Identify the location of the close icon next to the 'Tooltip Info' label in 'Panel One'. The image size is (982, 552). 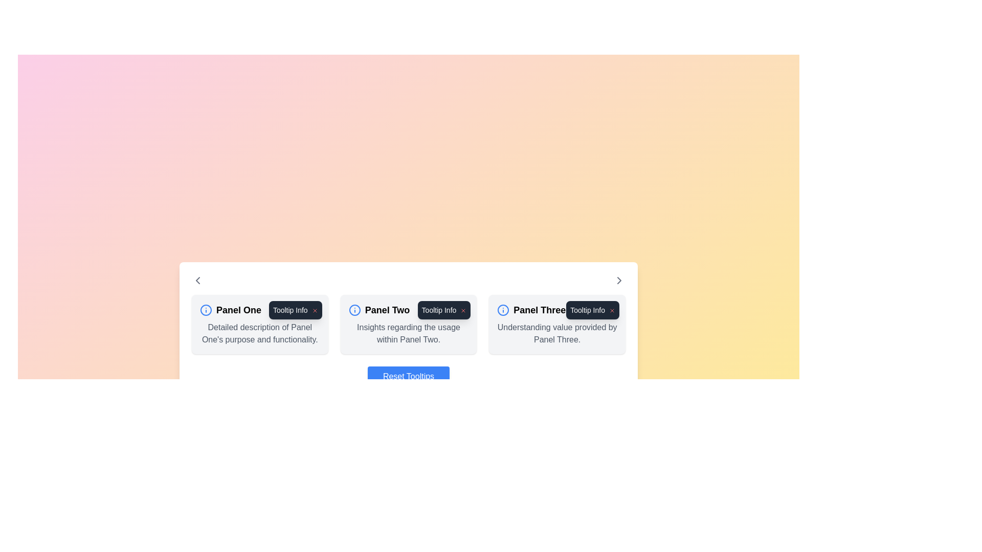
(314, 310).